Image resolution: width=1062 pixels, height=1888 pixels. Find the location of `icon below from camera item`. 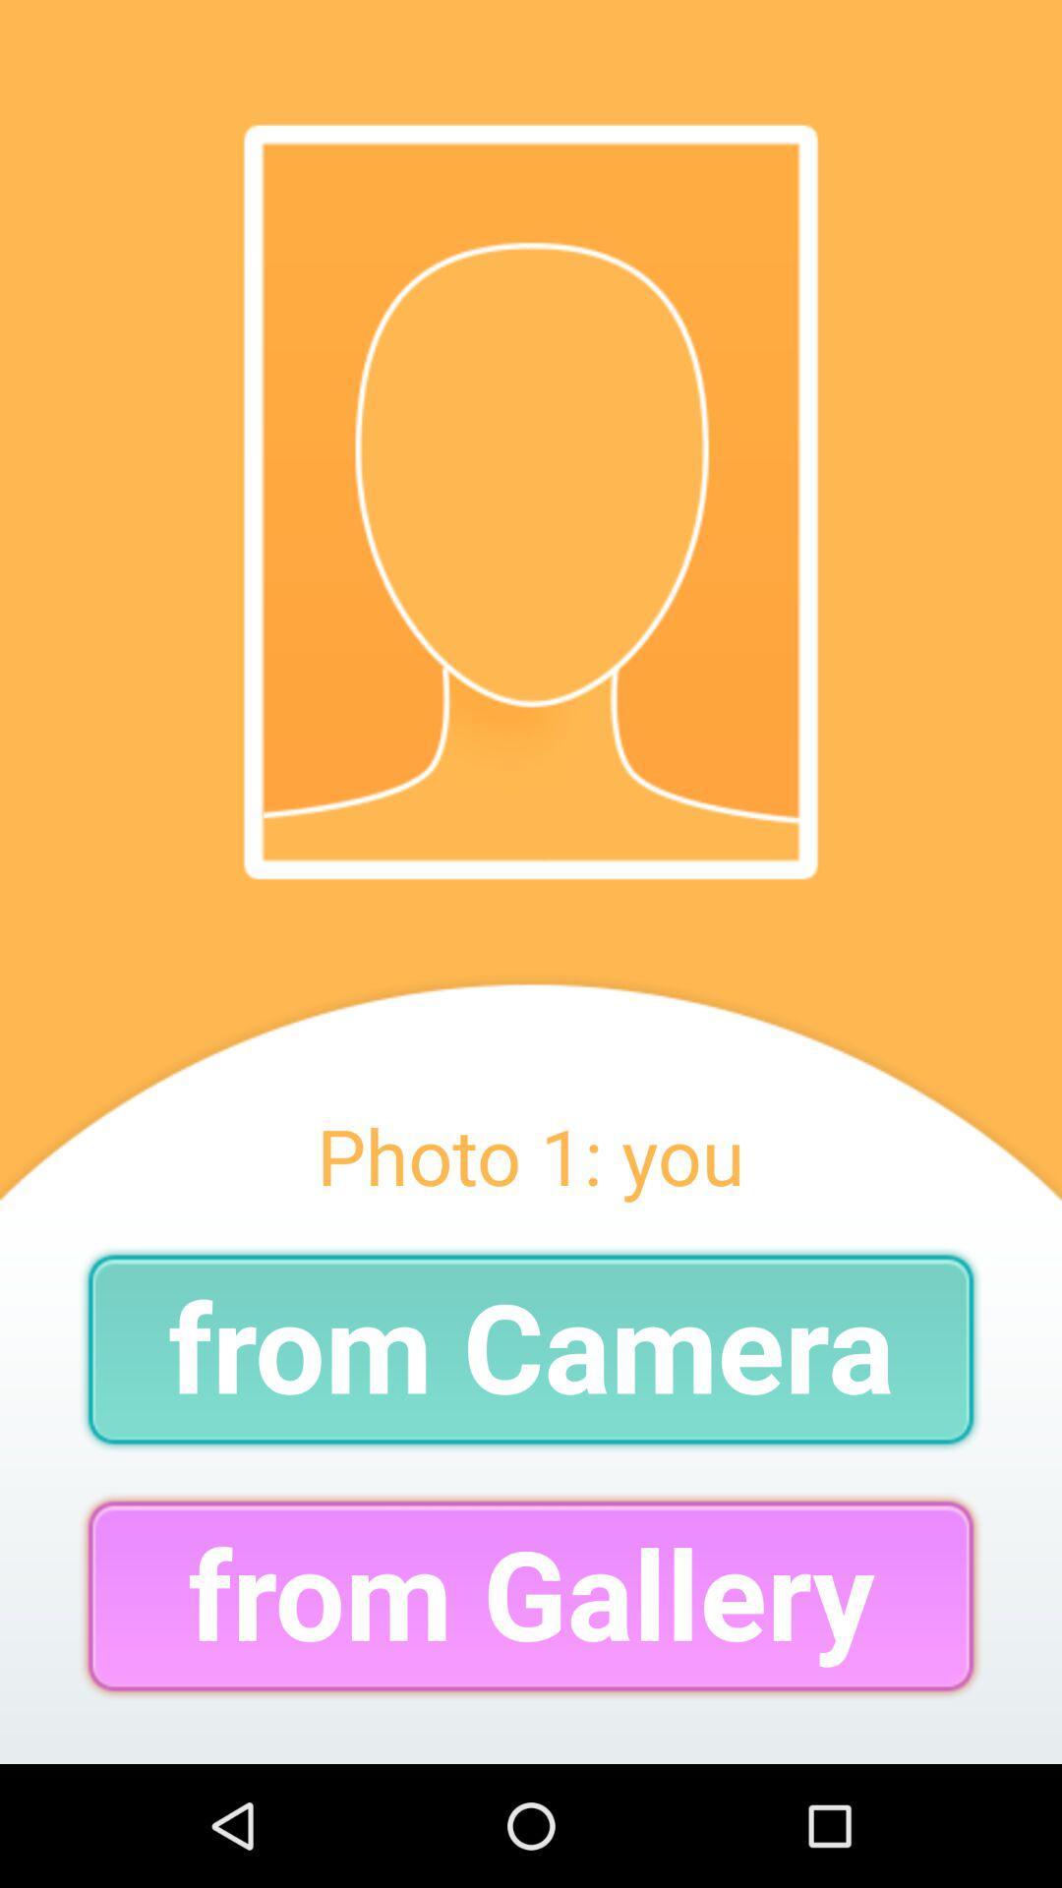

icon below from camera item is located at coordinates (531, 1596).